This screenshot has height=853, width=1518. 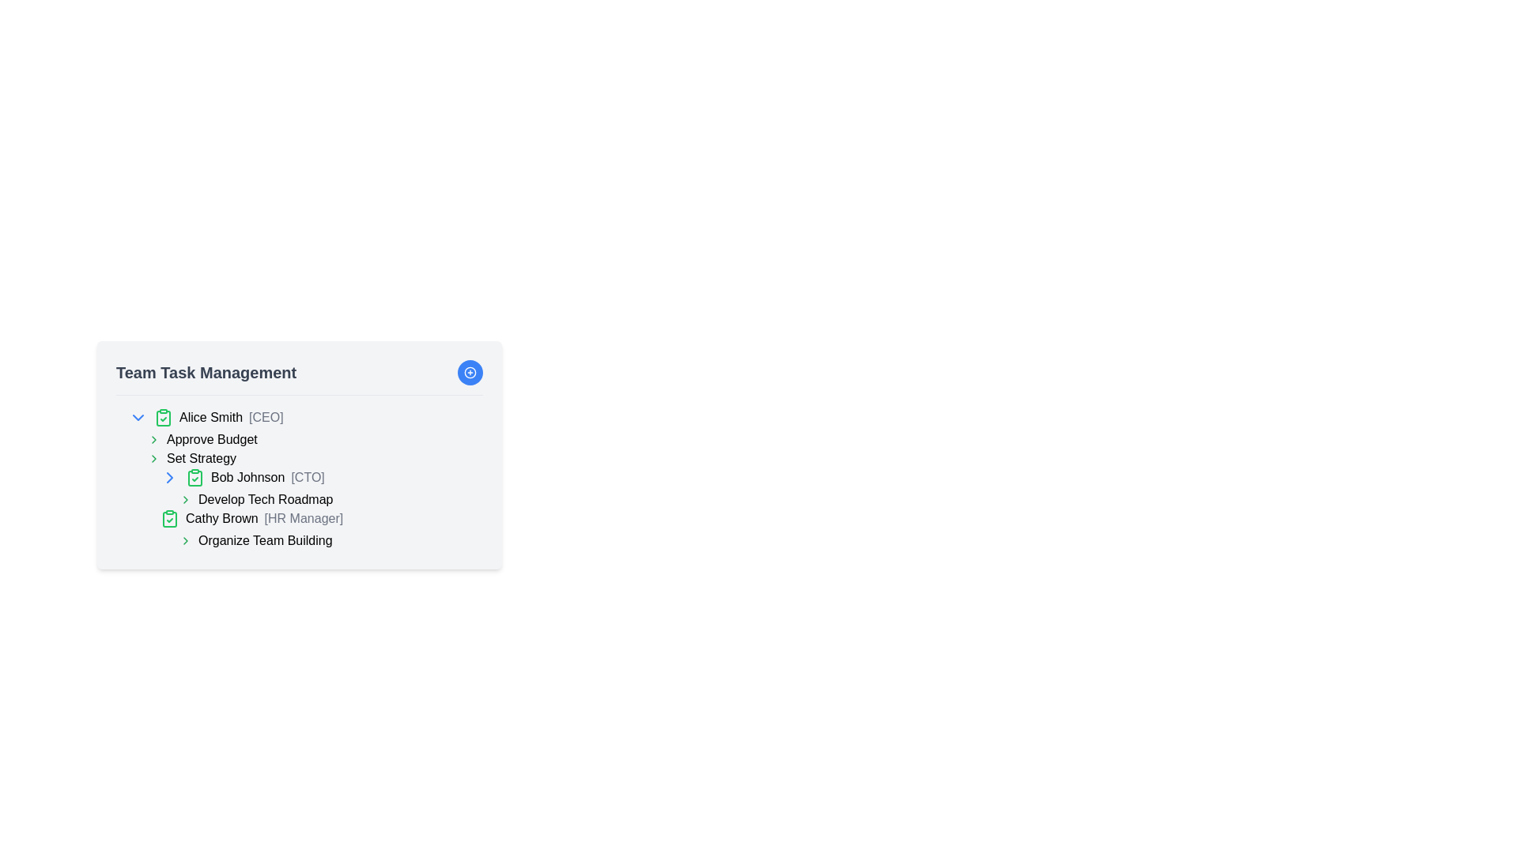 What do you see at coordinates (170, 477) in the screenshot?
I see `the chevron icon next to 'Bob Johnson [CTO]' to expand or collapse the associated list item in the 'Team Task Management' section` at bounding box center [170, 477].